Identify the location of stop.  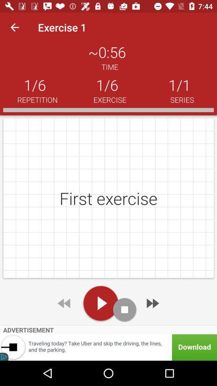
(125, 309).